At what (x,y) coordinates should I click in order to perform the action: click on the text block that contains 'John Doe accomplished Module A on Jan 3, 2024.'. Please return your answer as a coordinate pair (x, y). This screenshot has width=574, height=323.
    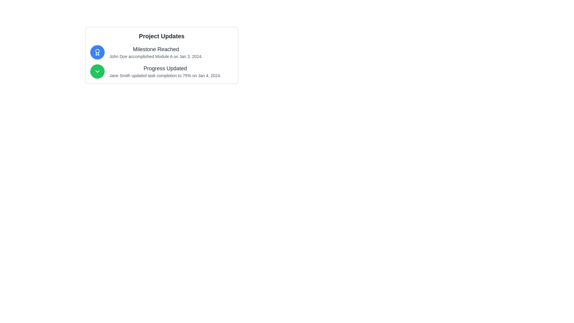
    Looking at the image, I should click on (156, 57).